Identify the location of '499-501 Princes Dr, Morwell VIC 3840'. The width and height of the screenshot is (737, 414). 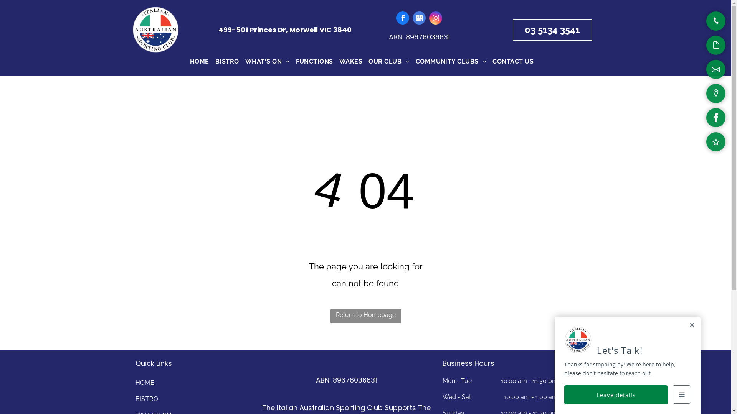
(284, 29).